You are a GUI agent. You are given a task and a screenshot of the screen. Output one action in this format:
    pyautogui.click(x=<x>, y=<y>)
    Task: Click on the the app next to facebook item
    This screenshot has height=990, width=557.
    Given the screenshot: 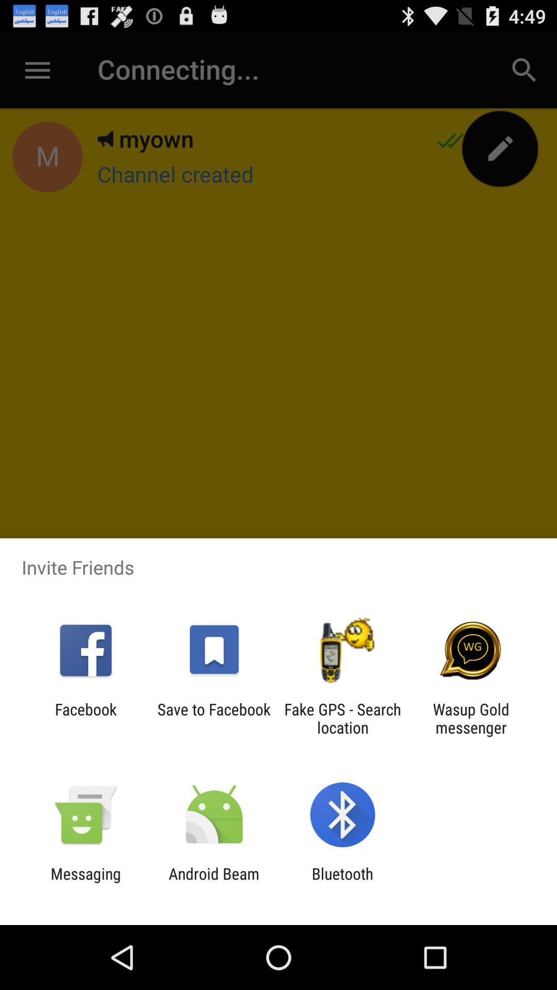 What is the action you would take?
    pyautogui.click(x=214, y=718)
    